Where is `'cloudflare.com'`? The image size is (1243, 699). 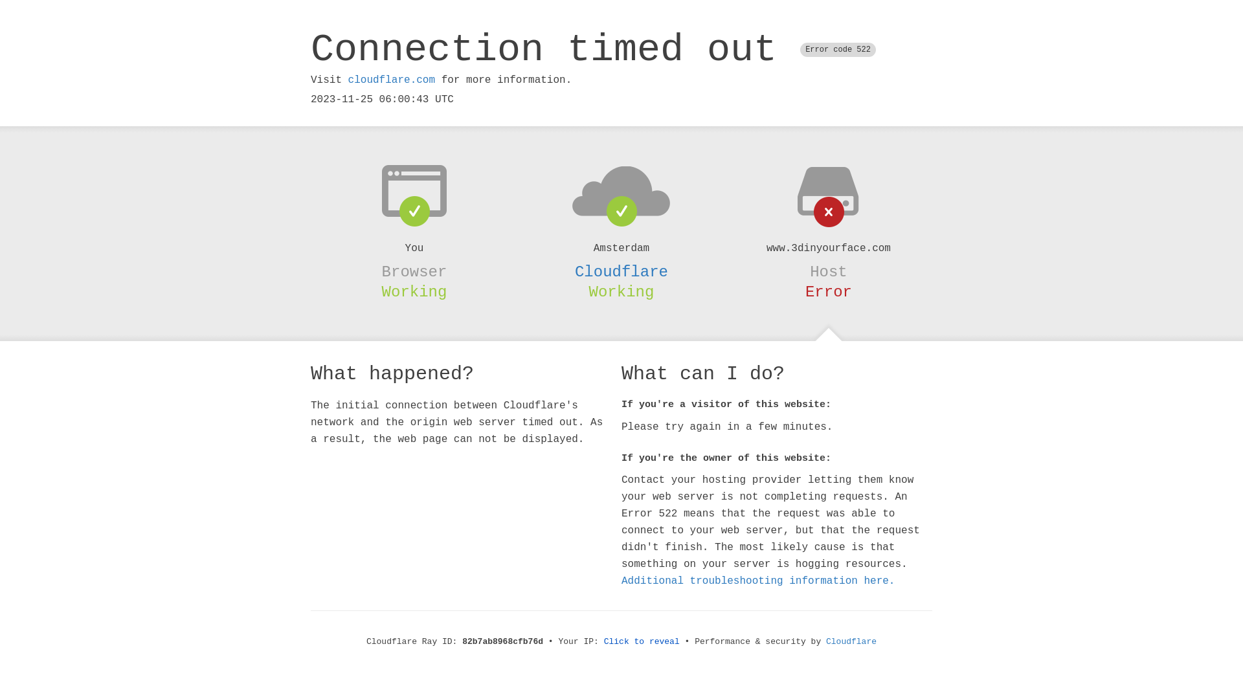
'cloudflare.com' is located at coordinates (390, 80).